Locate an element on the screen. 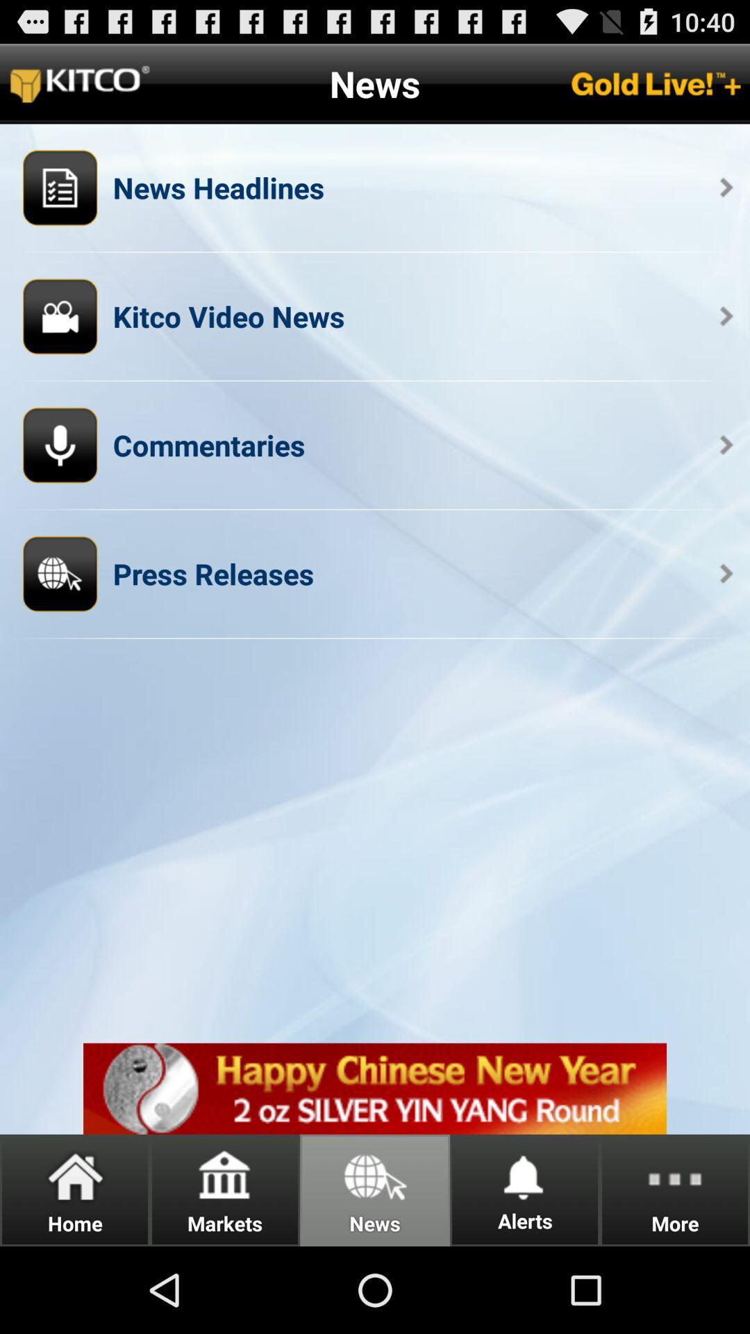  the option is located at coordinates (375, 1088).